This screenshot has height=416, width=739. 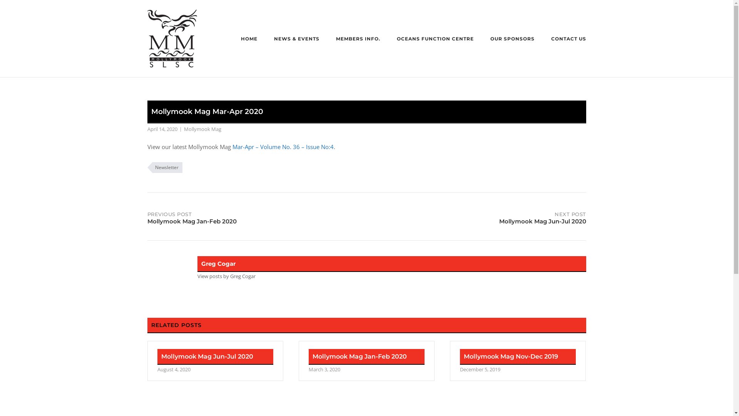 I want to click on 'Mollymook Mag Jun-Jul 2020, so click(x=215, y=361).